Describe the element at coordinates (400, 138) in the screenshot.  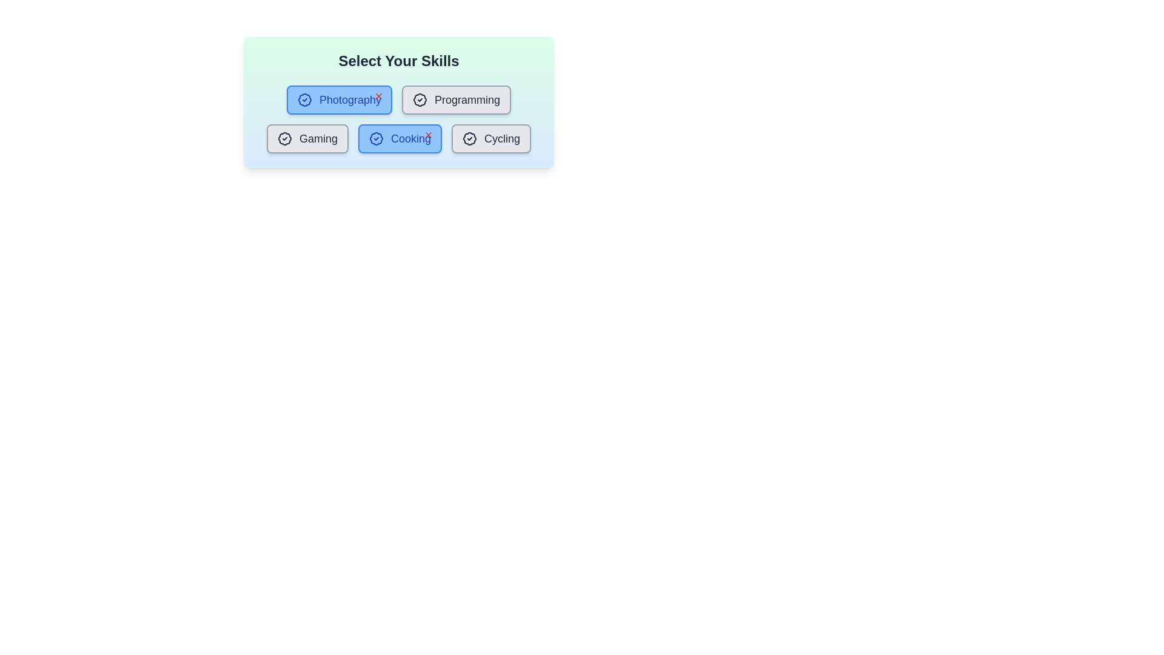
I see `the skill button labeled Cooking to toggle its highlighting` at that location.